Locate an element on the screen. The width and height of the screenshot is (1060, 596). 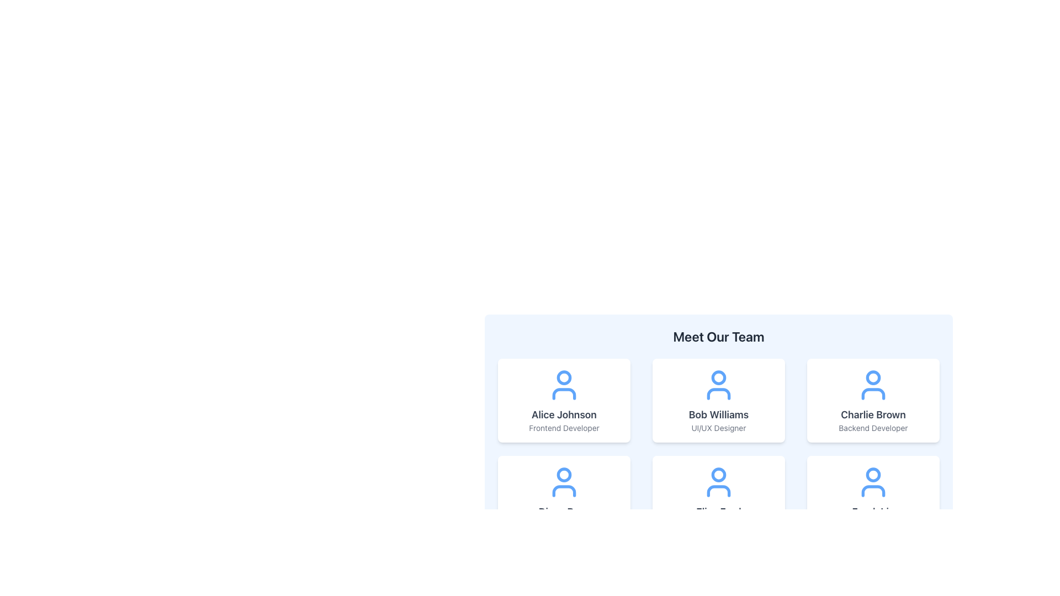
the blue circular SVG element that represents the head of the user profile icon located in the second row, first column of the grid layout under the title 'Meet Our Team' is located at coordinates (564, 474).